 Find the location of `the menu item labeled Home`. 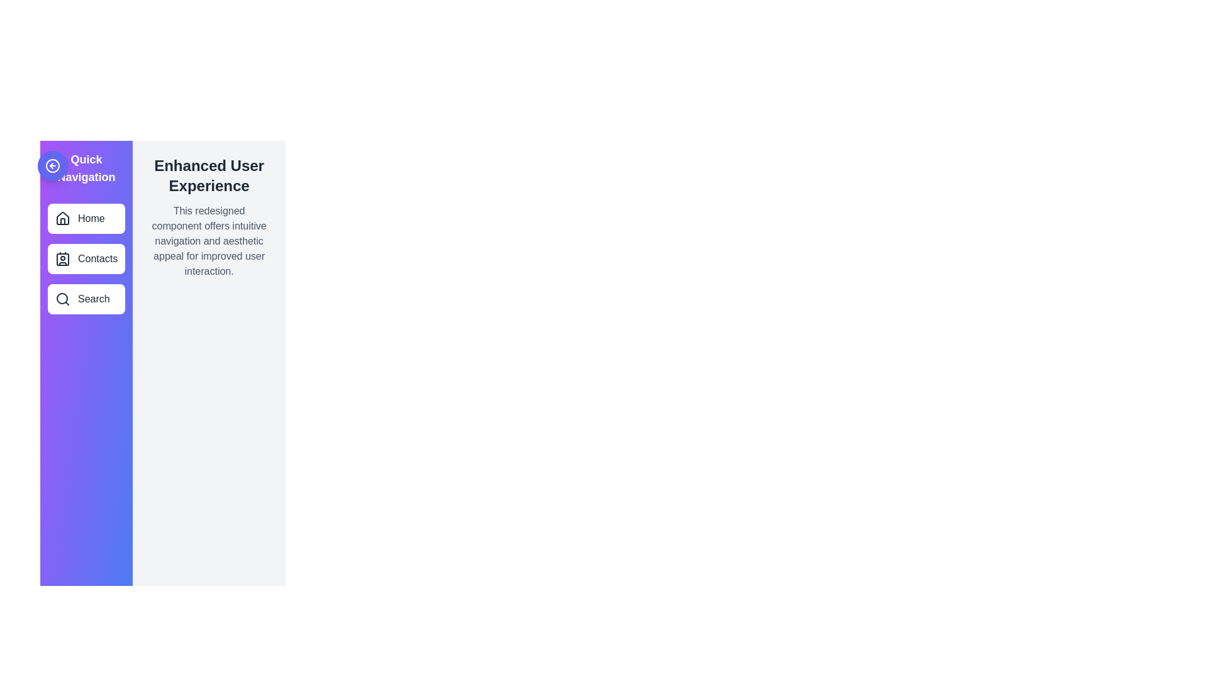

the menu item labeled Home is located at coordinates (86, 218).